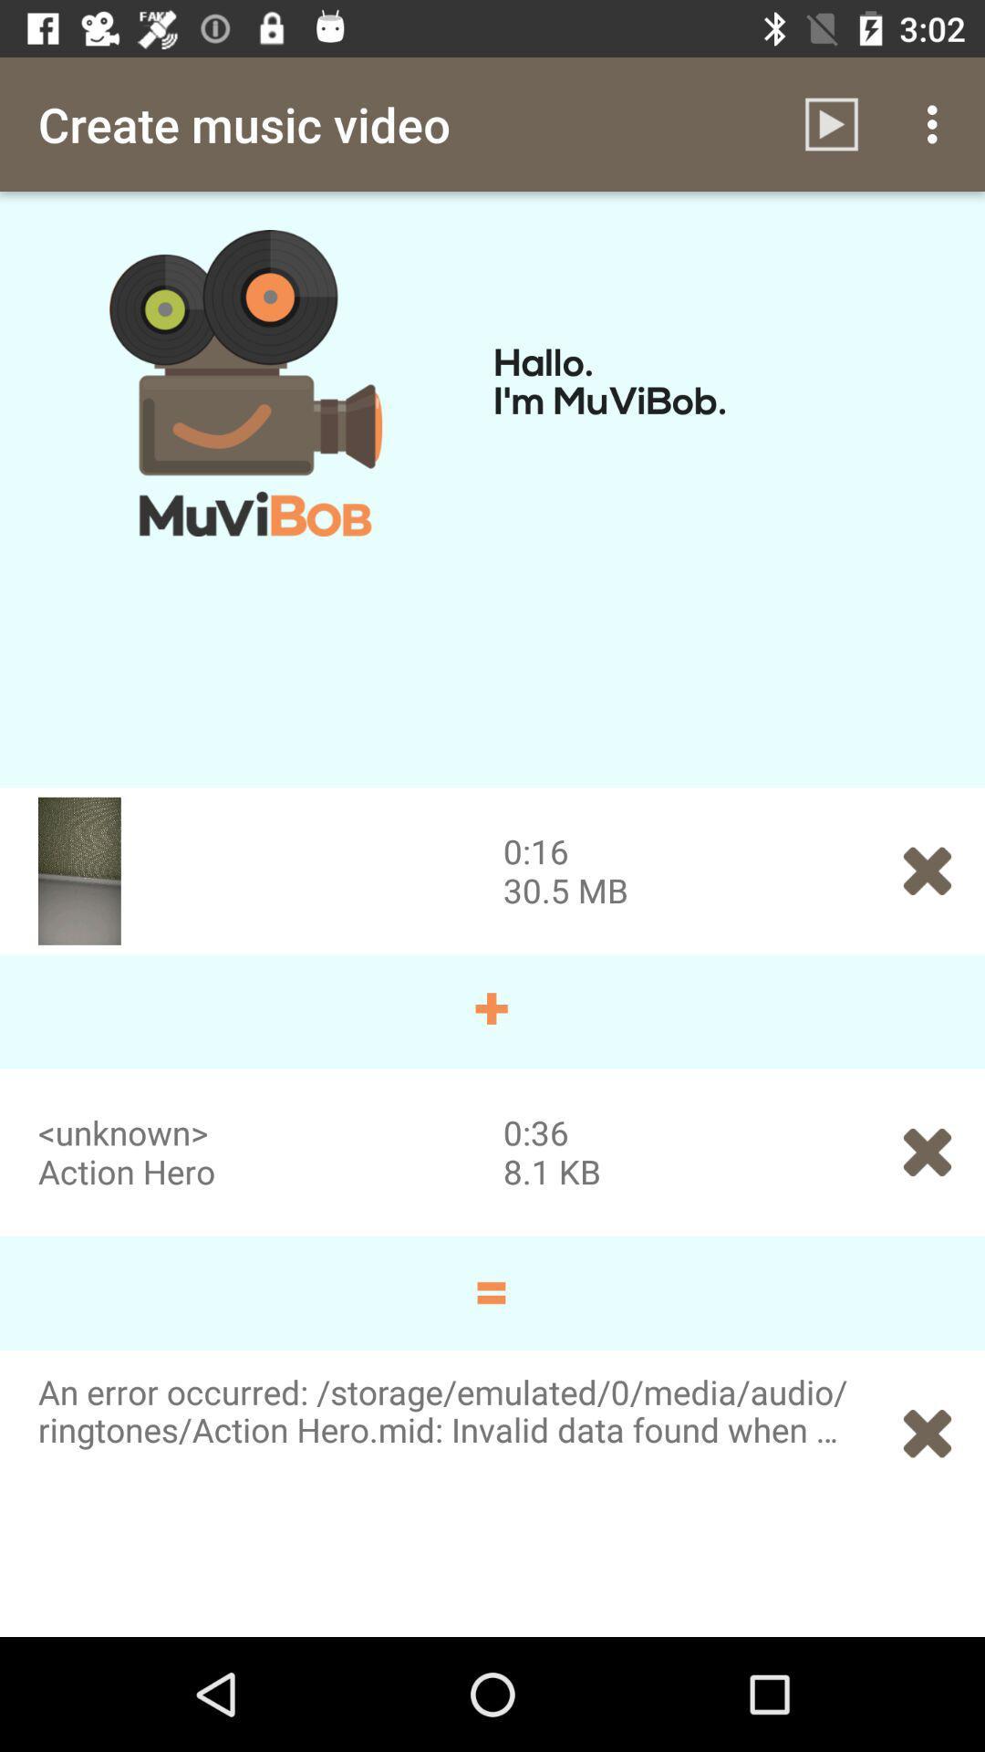 This screenshot has height=1752, width=985. Describe the element at coordinates (831, 123) in the screenshot. I see `the item to the right of the create music video` at that location.